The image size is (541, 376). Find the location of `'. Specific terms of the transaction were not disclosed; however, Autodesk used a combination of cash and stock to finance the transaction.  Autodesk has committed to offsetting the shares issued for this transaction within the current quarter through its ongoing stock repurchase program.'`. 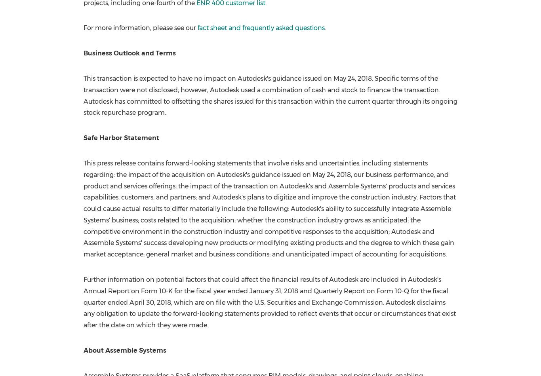

'. Specific terms of the transaction were not disclosed; however, Autodesk used a combination of cash and stock to finance the transaction.  Autodesk has committed to offsetting the shares issued for this transaction within the current quarter through its ongoing stock repurchase program.' is located at coordinates (270, 95).